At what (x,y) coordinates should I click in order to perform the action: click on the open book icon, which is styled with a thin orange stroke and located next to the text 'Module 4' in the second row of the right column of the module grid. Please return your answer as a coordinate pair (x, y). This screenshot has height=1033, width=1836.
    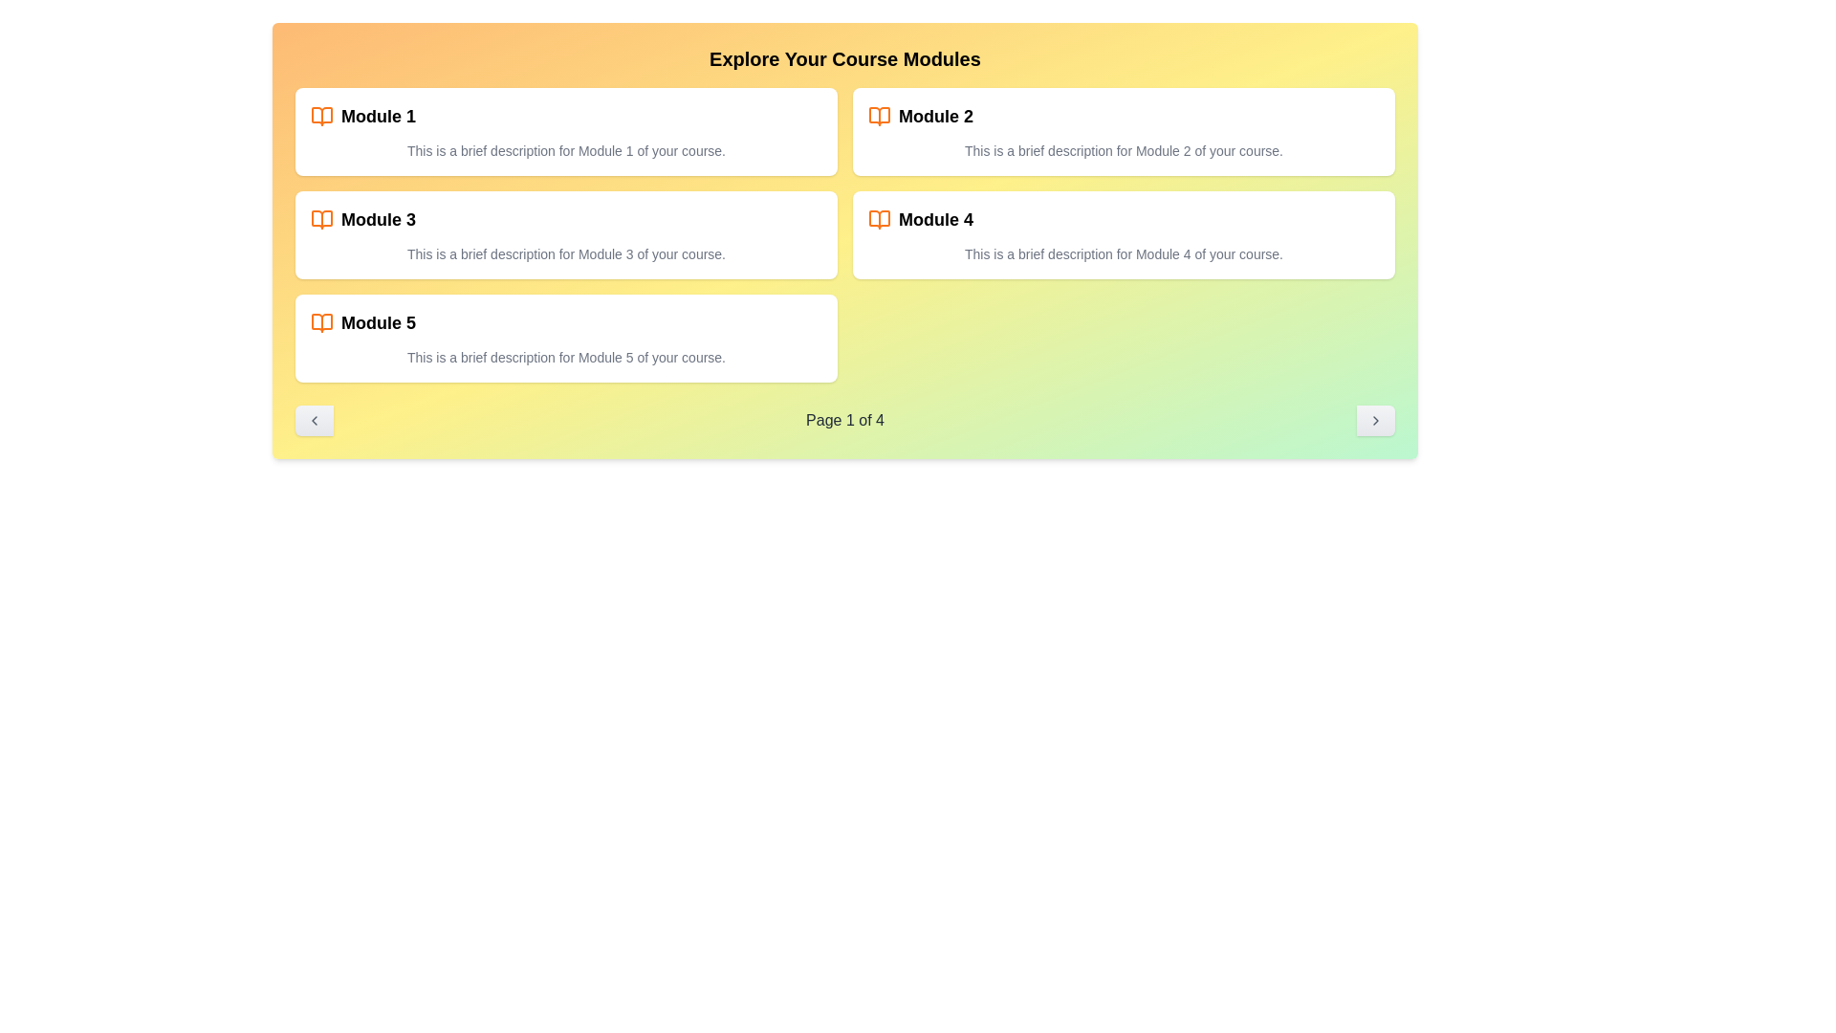
    Looking at the image, I should click on (879, 219).